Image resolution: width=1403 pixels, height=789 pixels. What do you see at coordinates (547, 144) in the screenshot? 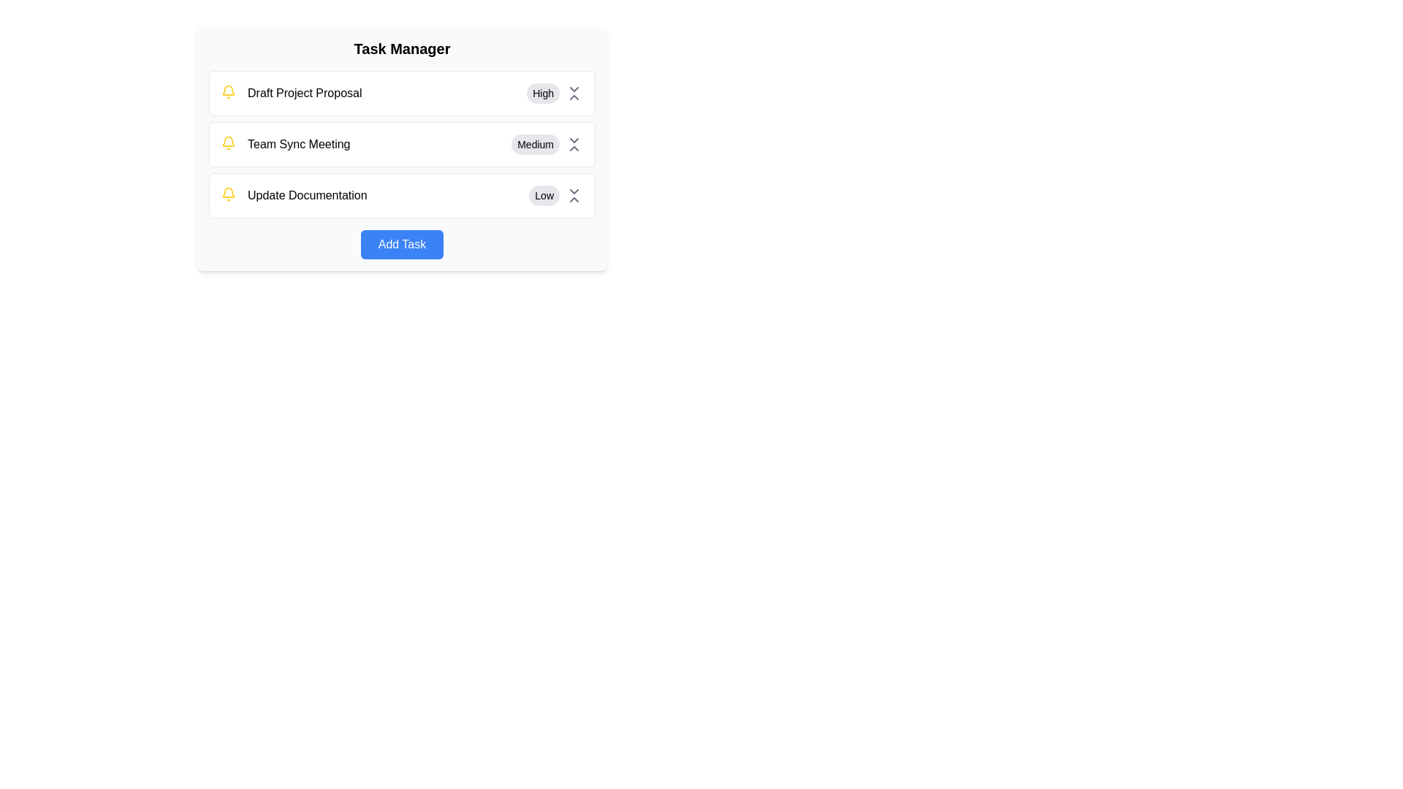
I see `the interactive dropdown label for the task priority in the 'Team Sync Meeting' block` at bounding box center [547, 144].